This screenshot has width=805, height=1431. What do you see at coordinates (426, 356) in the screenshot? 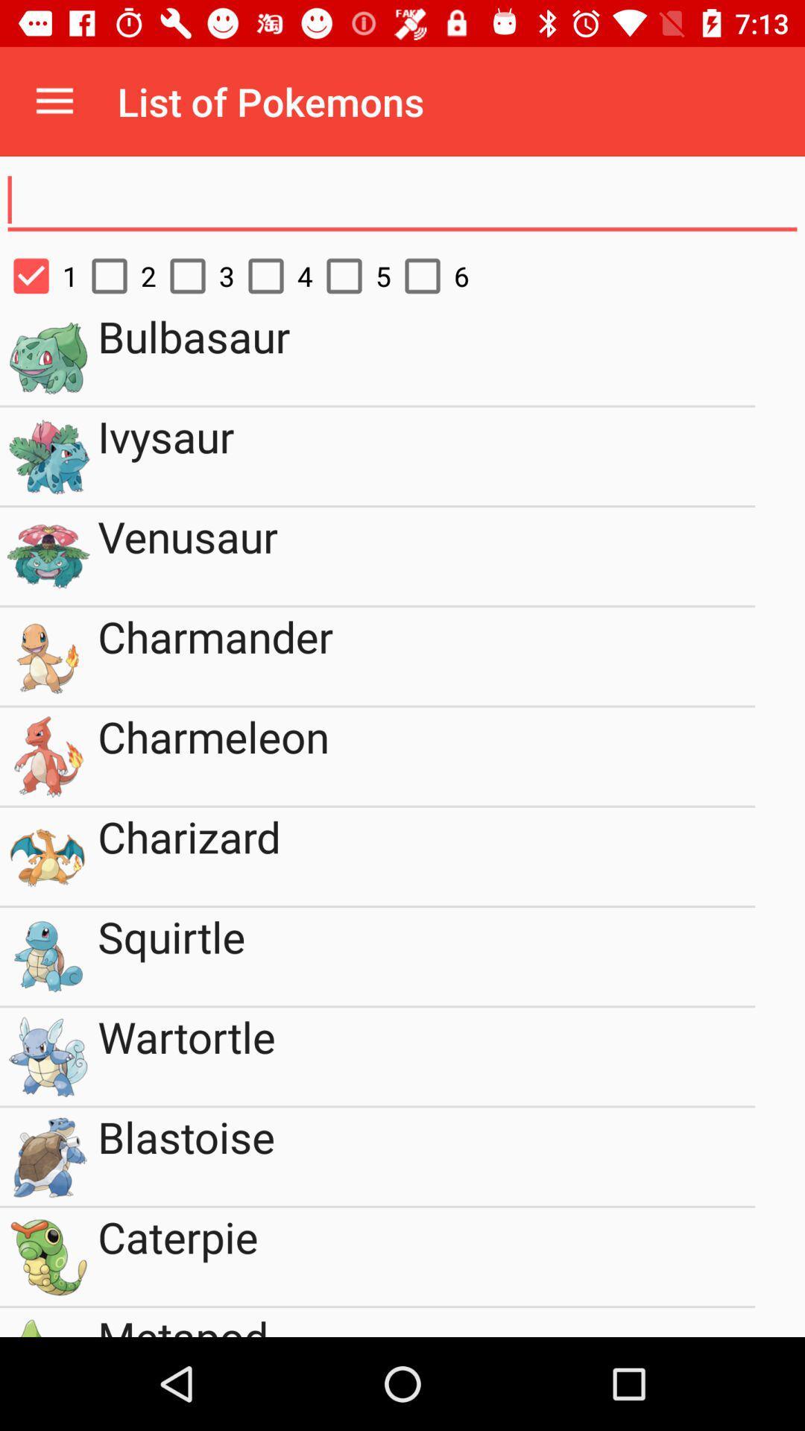
I see `the icon below 2` at bounding box center [426, 356].